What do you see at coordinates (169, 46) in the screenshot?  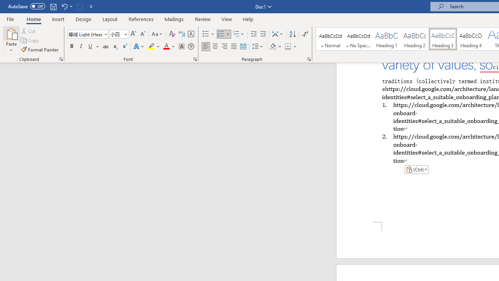 I see `'Font Color'` at bounding box center [169, 46].